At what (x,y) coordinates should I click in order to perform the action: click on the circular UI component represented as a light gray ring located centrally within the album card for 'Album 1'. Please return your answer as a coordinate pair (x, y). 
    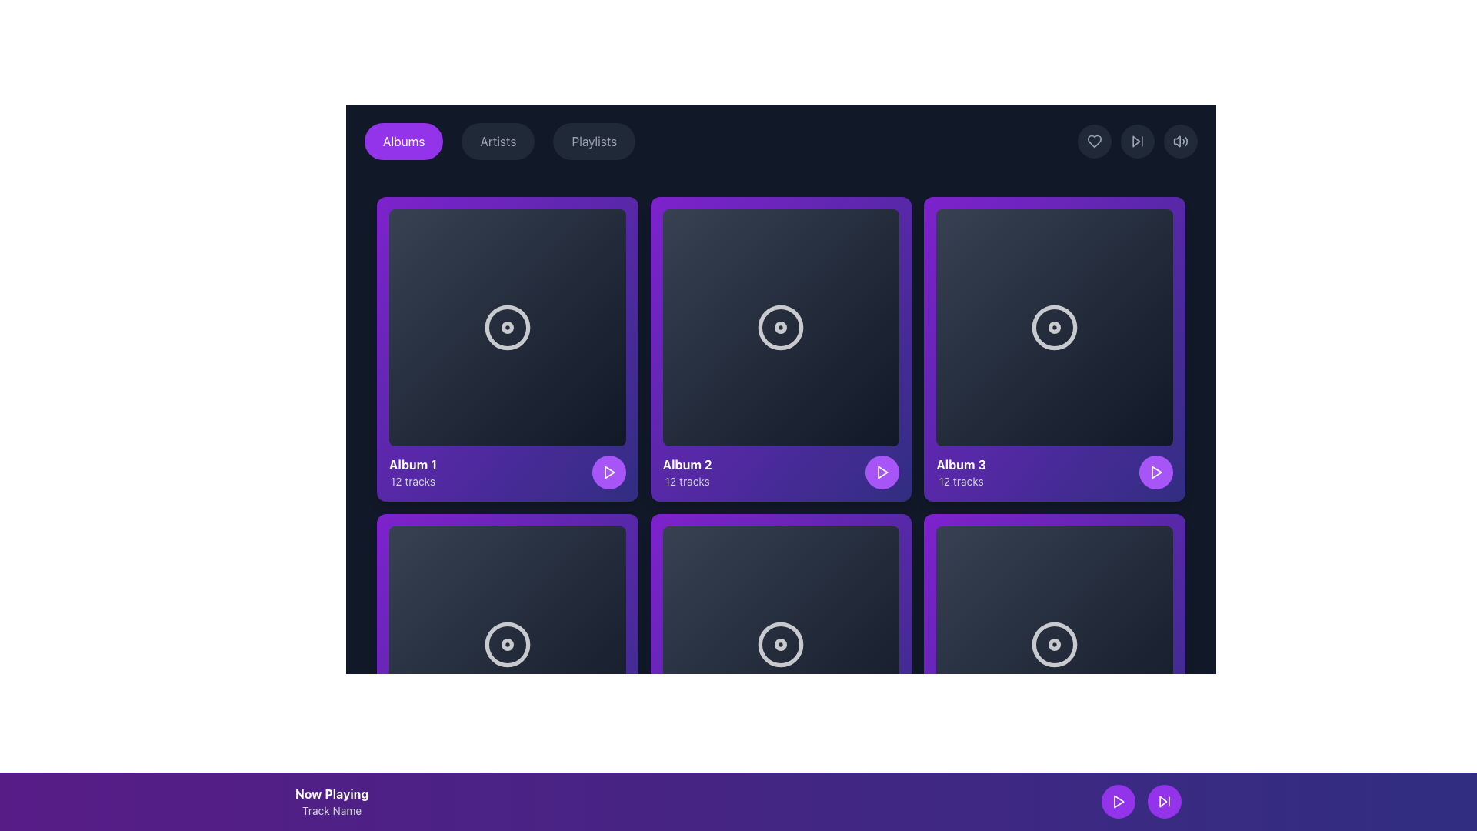
    Looking at the image, I should click on (507, 326).